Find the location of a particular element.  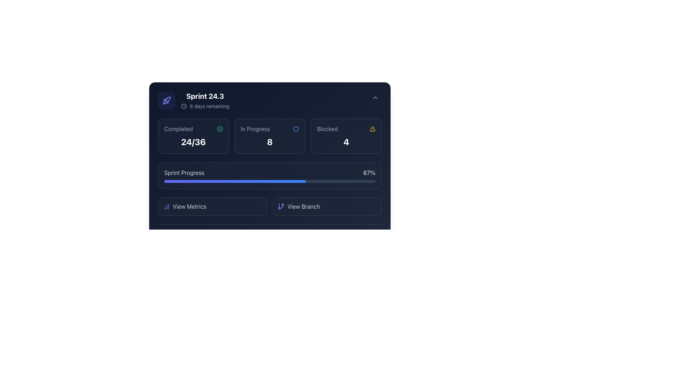

the circular SVG element that represents a clock face, located in the top-left section before the '8 days remaining' text adjacent to 'Sprint 24.3' is located at coordinates (184, 106).